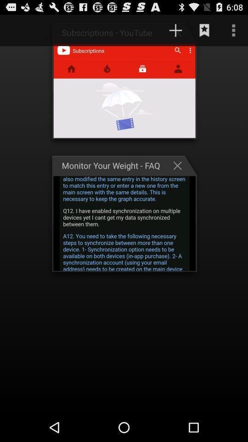 This screenshot has height=442, width=248. What do you see at coordinates (204, 32) in the screenshot?
I see `the bookmark icon` at bounding box center [204, 32].